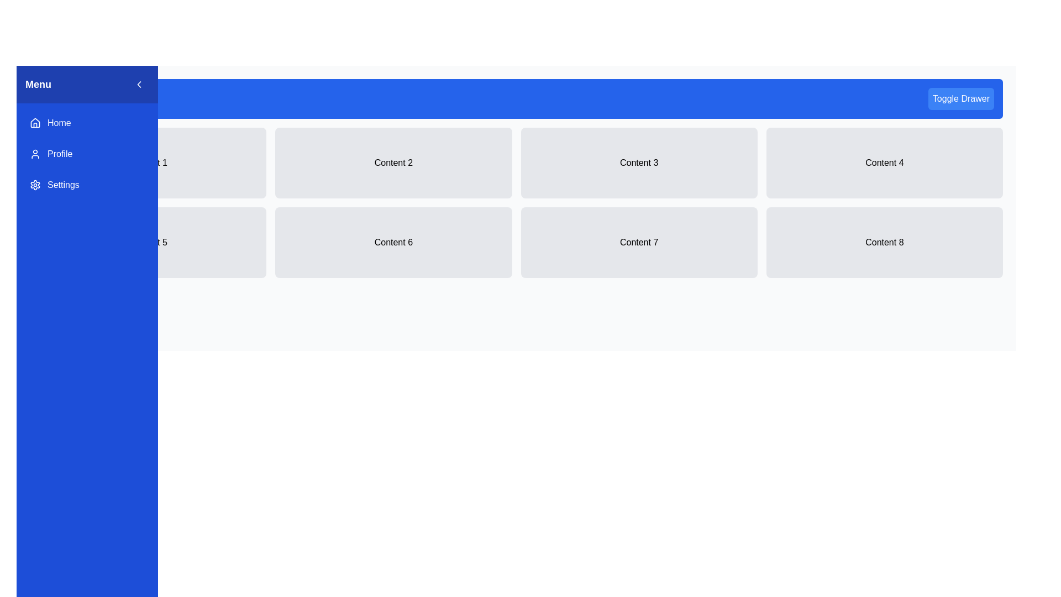 The height and width of the screenshot is (597, 1061). I want to click on the rectangular placeholder element with rounded corners and light gray background that contains the text 'Content 7', located in the second row and third column of the grid, so click(639, 242).